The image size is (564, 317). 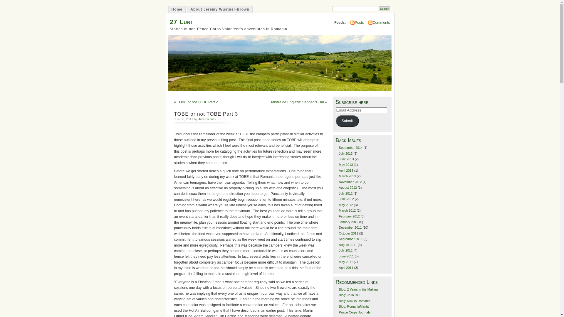 I want to click on 'Blog: RomaniaMania', so click(x=353, y=306).